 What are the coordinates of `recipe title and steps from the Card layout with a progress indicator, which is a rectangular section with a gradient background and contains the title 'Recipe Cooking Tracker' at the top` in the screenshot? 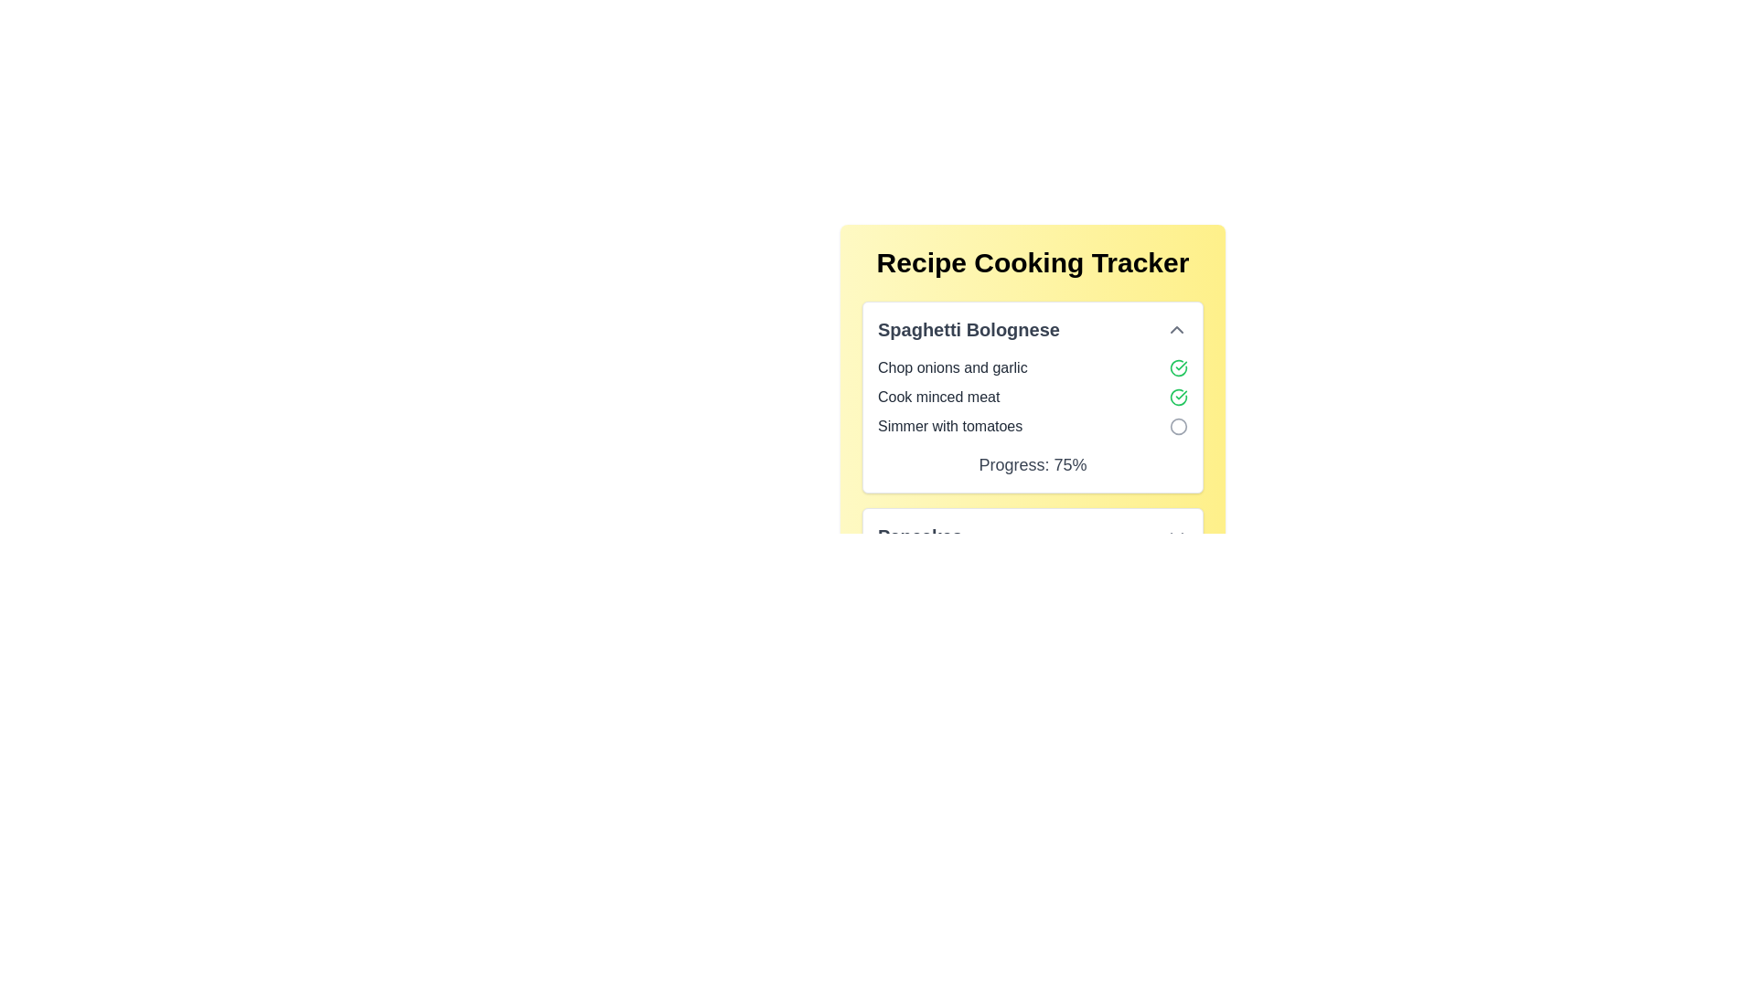 It's located at (1033, 404).